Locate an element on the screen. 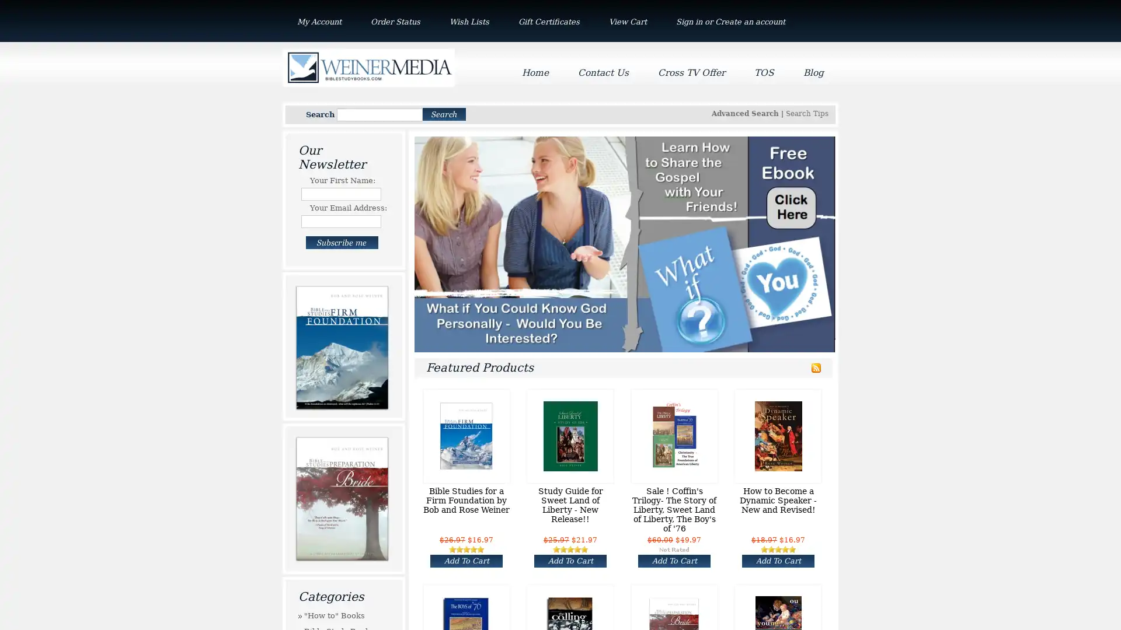  Submit is located at coordinates (444, 114).